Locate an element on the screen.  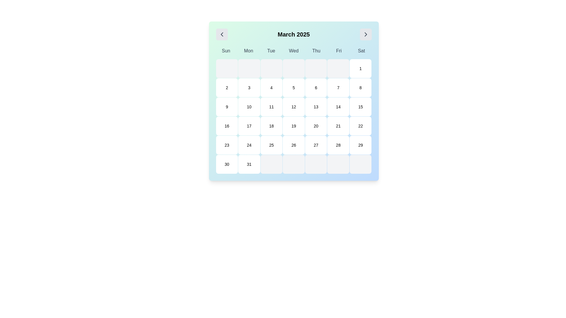
the square button displaying the number '9' in the calendar interface for March 2025 is located at coordinates (226, 107).